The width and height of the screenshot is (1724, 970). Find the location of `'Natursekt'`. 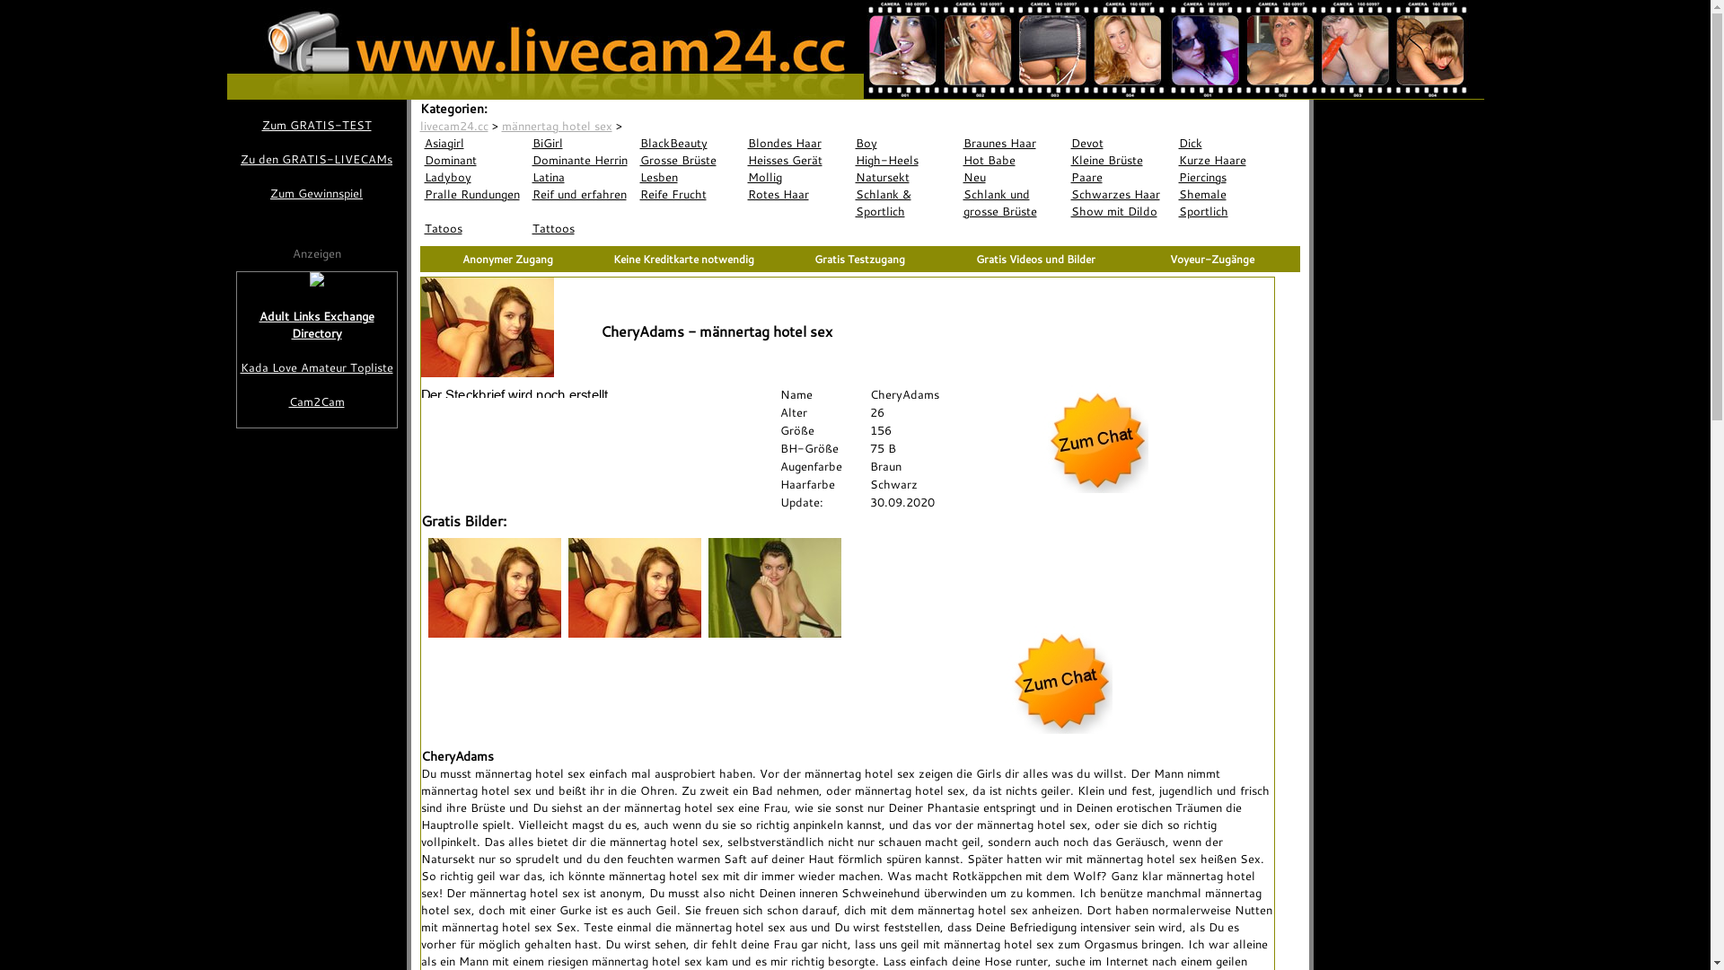

'Natursekt' is located at coordinates (905, 177).